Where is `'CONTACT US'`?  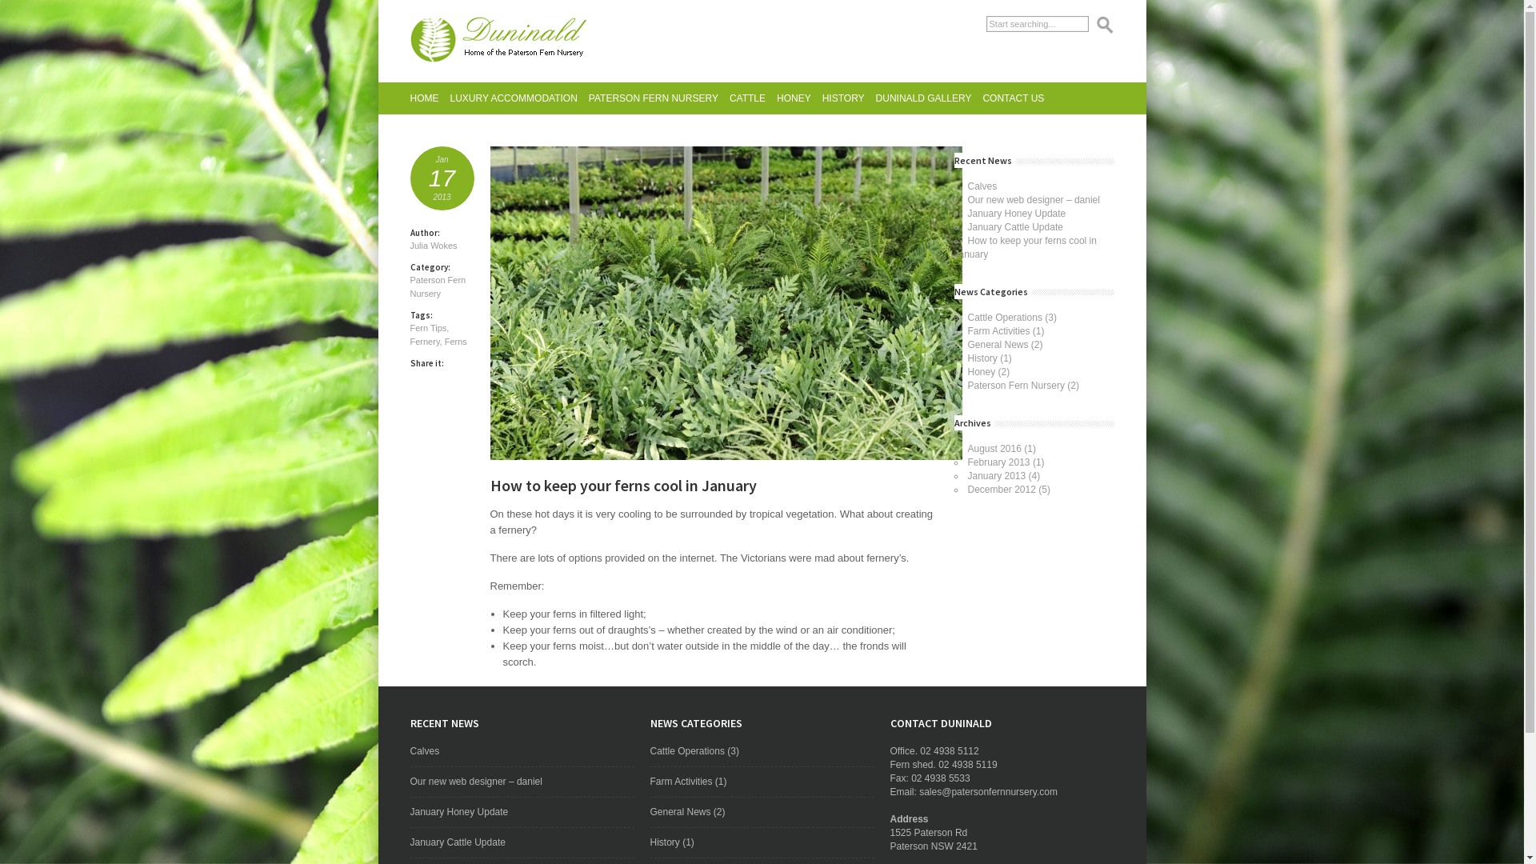 'CONTACT US' is located at coordinates (1012, 98).